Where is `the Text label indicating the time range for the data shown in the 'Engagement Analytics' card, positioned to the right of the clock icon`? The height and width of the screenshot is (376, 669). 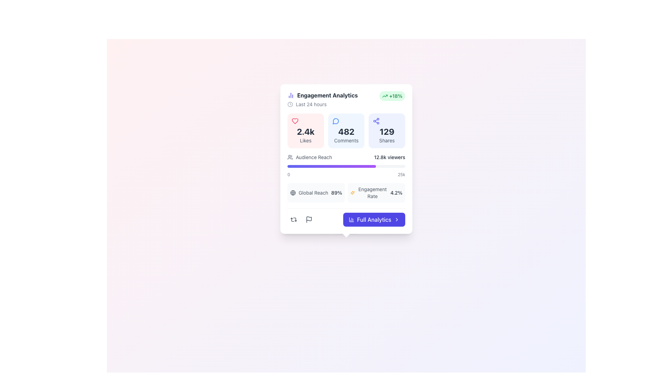 the Text label indicating the time range for the data shown in the 'Engagement Analytics' card, positioned to the right of the clock icon is located at coordinates (311, 104).